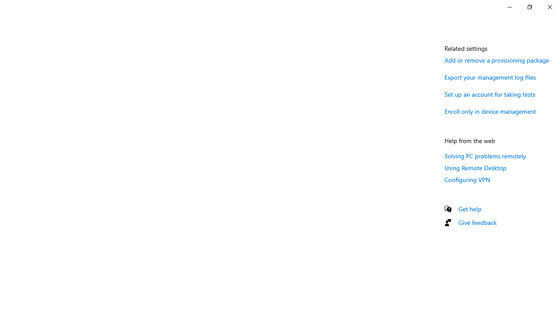 The width and height of the screenshot is (560, 315). What do you see at coordinates (485, 155) in the screenshot?
I see `'Solving PC problems remotely'` at bounding box center [485, 155].